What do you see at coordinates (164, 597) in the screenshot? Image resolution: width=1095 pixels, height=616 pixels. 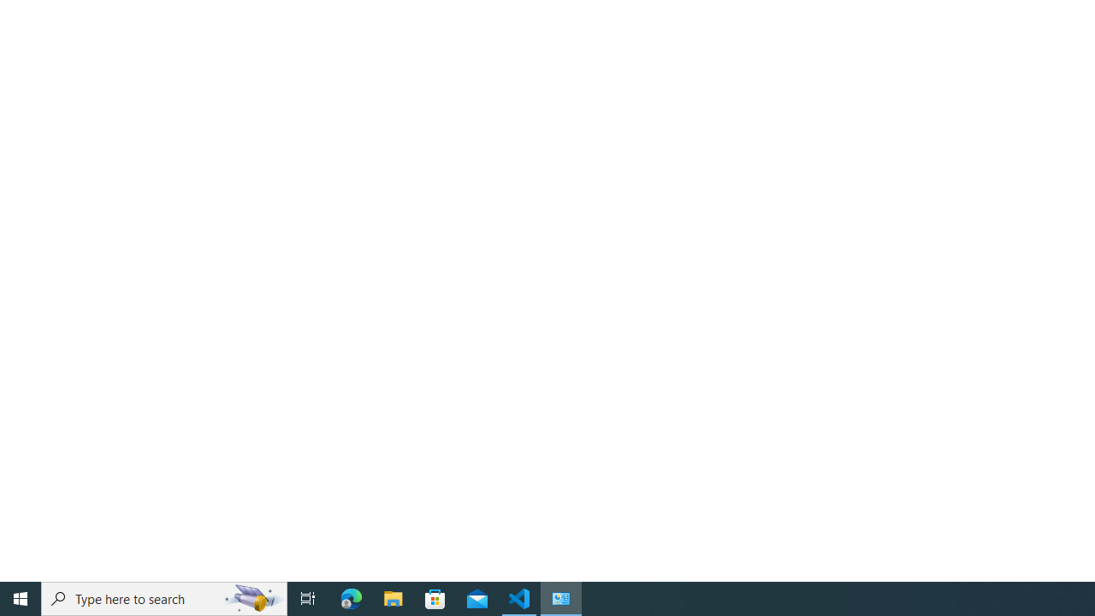 I see `'Type here to search'` at bounding box center [164, 597].